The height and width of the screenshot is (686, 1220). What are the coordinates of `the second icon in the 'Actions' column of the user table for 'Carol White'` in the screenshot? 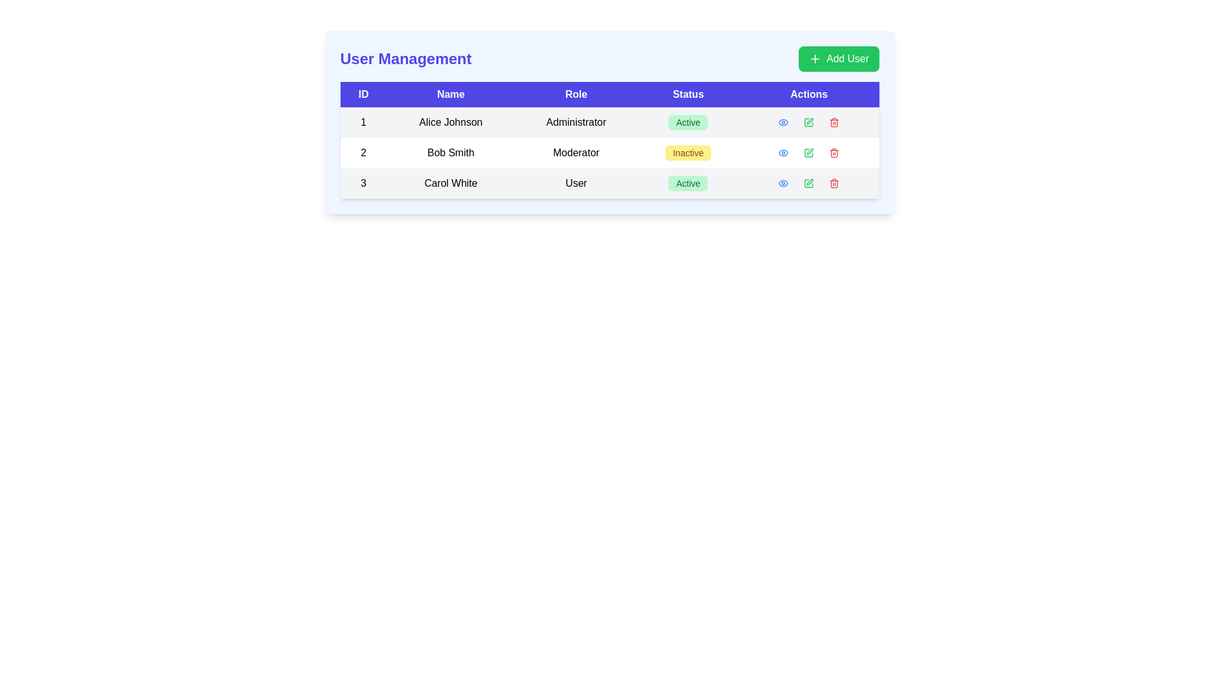 It's located at (808, 184).